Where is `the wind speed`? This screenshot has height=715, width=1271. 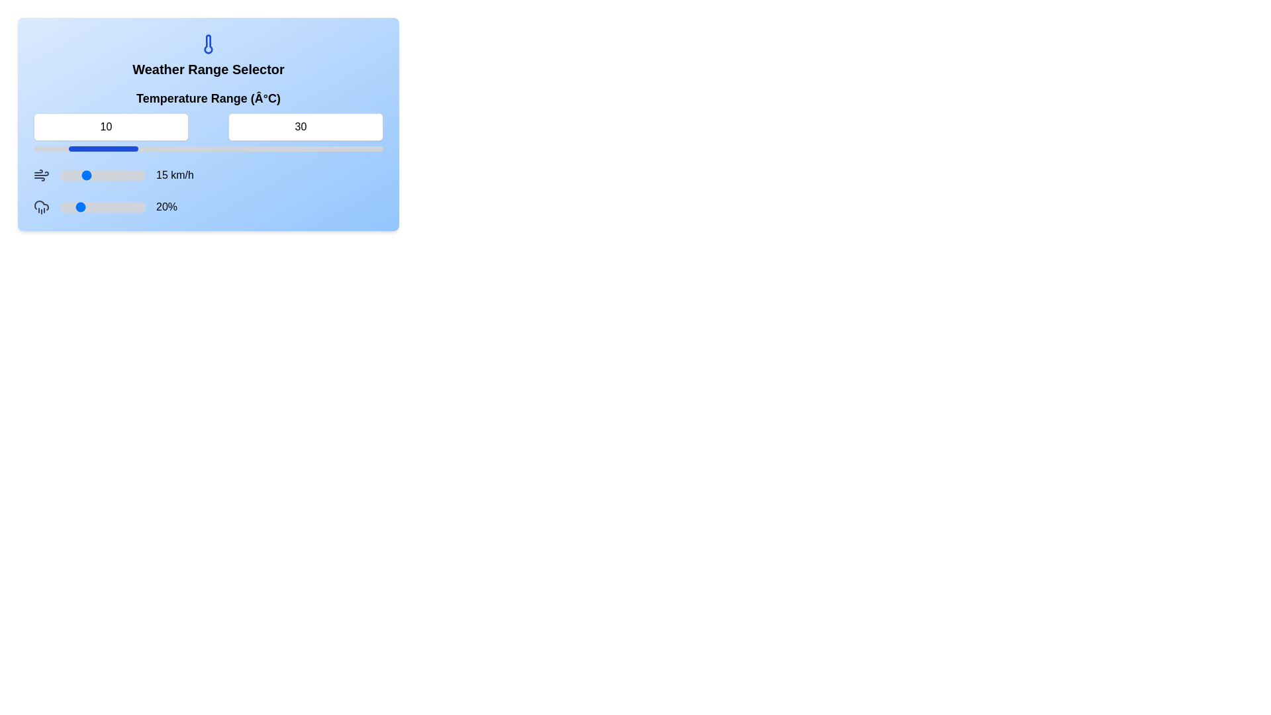
the wind speed is located at coordinates (107, 175).